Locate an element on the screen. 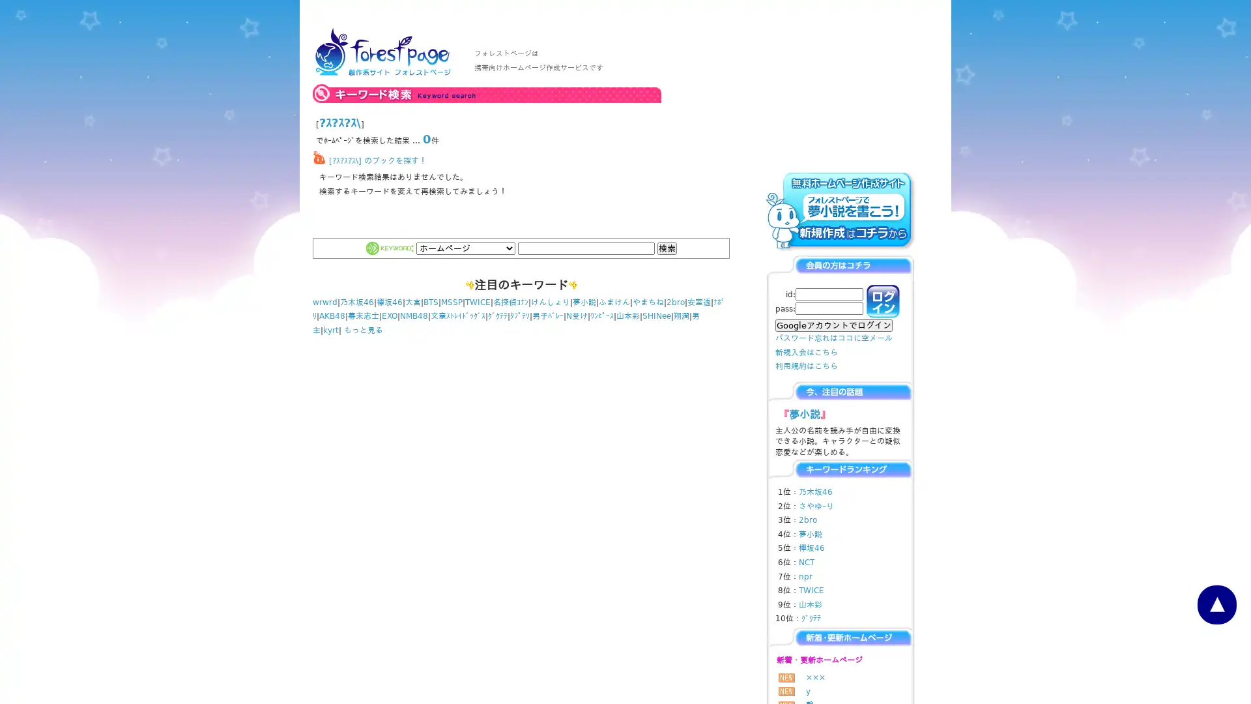 The height and width of the screenshot is (704, 1251). Google is located at coordinates (834, 325).